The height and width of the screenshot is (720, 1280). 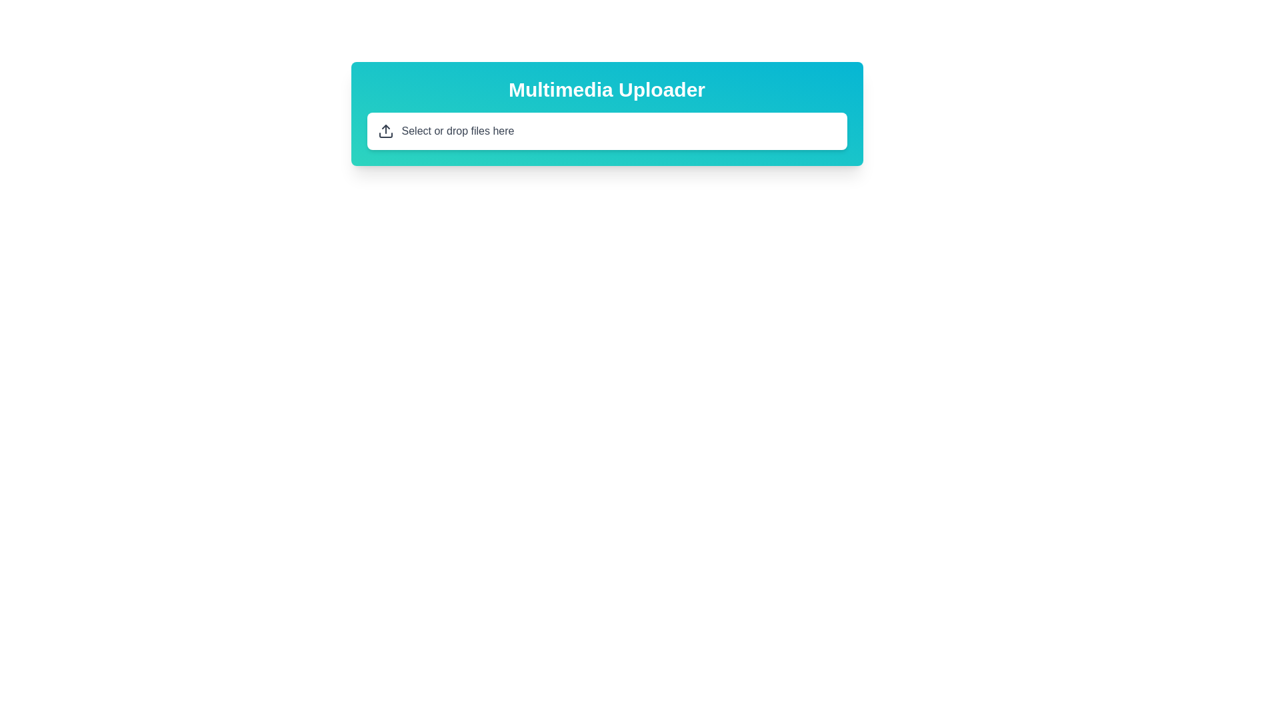 What do you see at coordinates (606, 131) in the screenshot?
I see `the 'Select or drop files here' button in the Multimedia Uploader panel` at bounding box center [606, 131].